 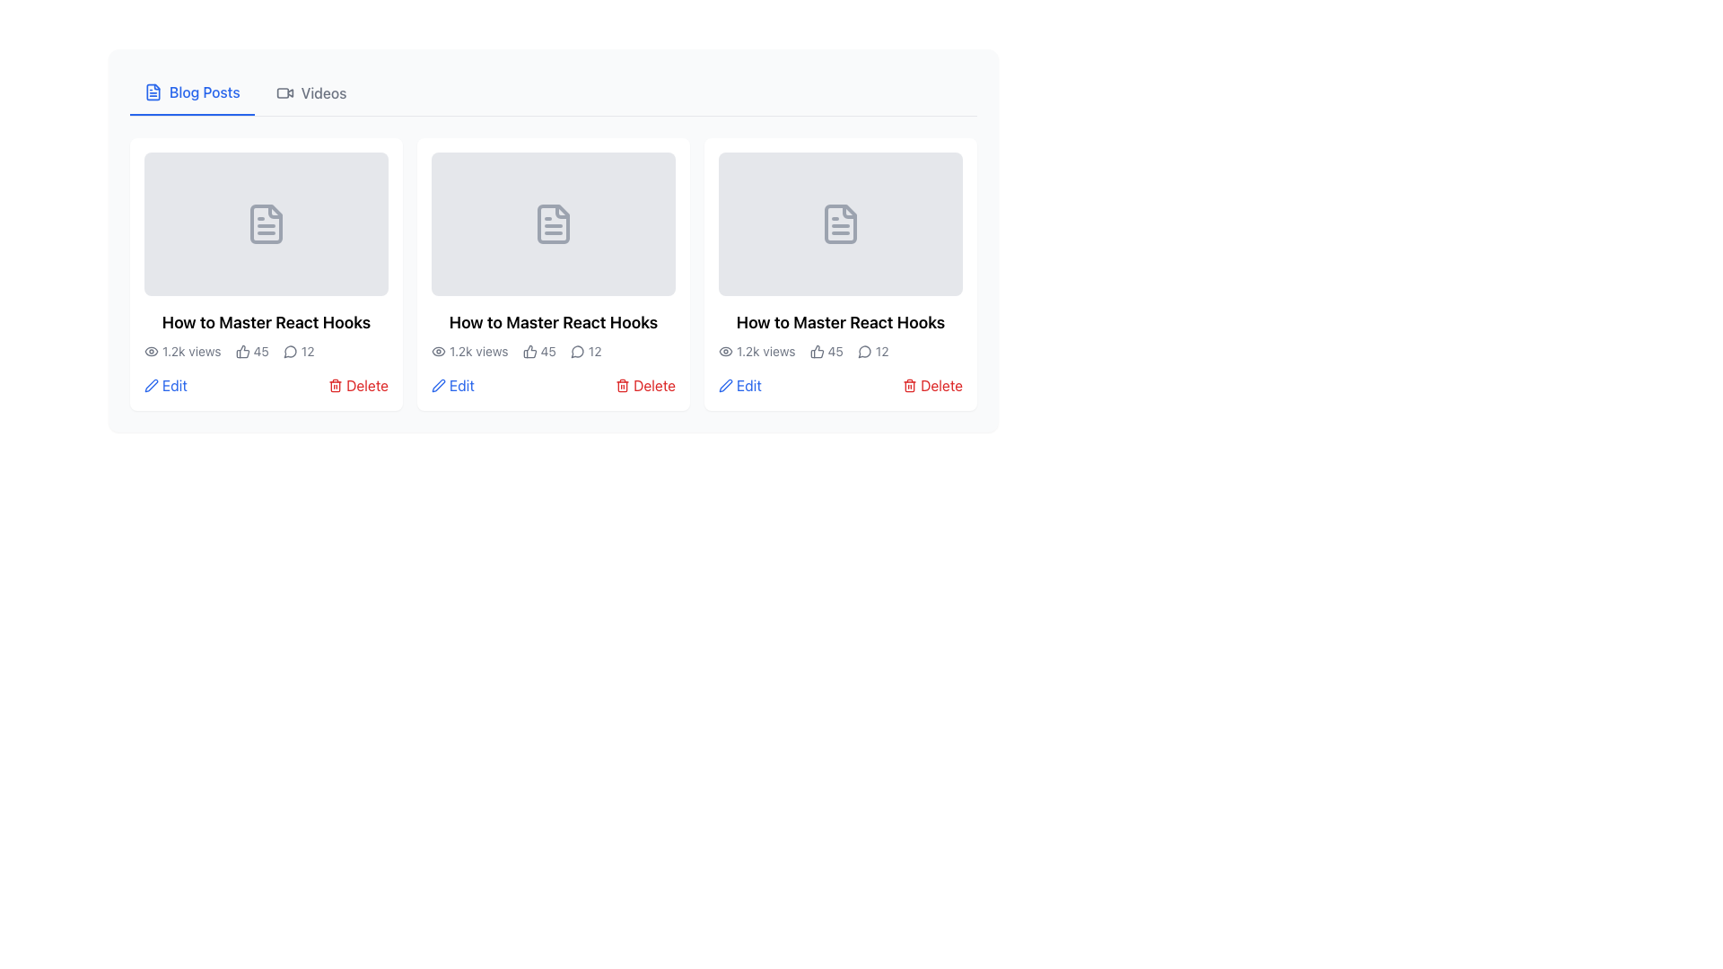 What do you see at coordinates (726, 352) in the screenshot?
I see `the decorative view count icon located on the left side of the row preceding the '1.2k views' text label` at bounding box center [726, 352].